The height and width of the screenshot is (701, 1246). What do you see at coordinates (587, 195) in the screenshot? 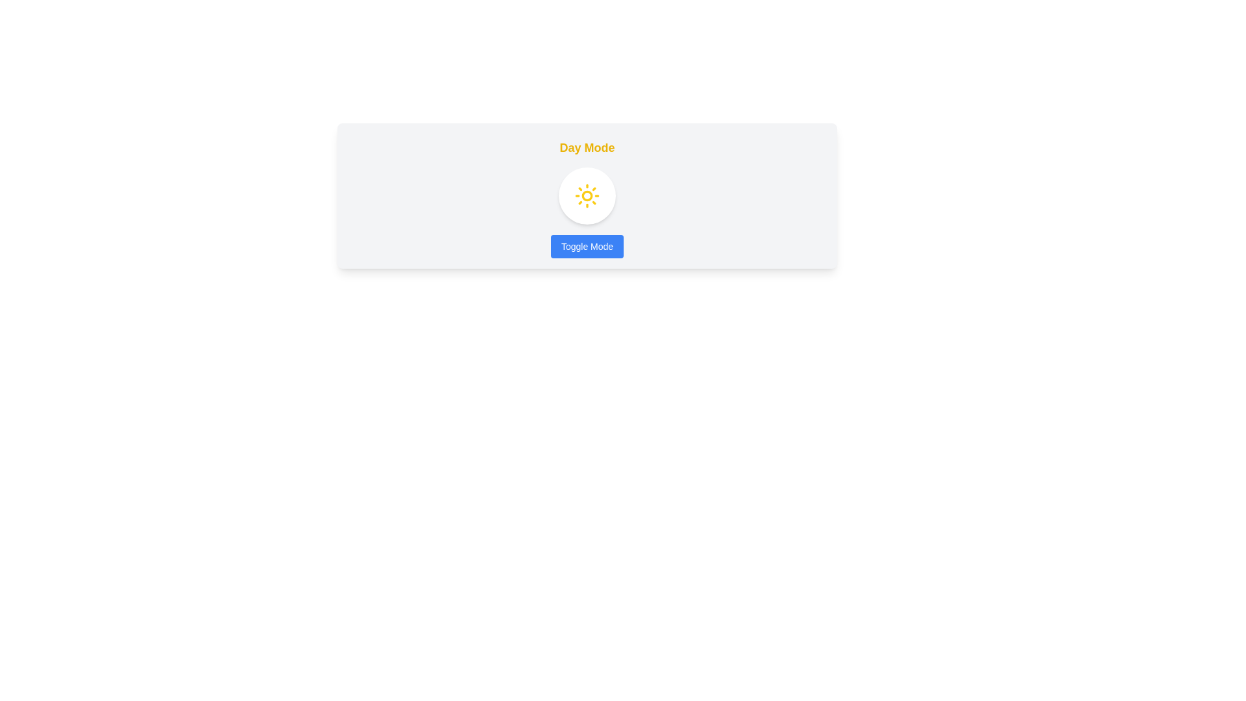
I see `the circular Icon button with a white background and a yellow sun icon, located below the 'Day Mode' label and above the 'Toggle Mode' button` at bounding box center [587, 195].